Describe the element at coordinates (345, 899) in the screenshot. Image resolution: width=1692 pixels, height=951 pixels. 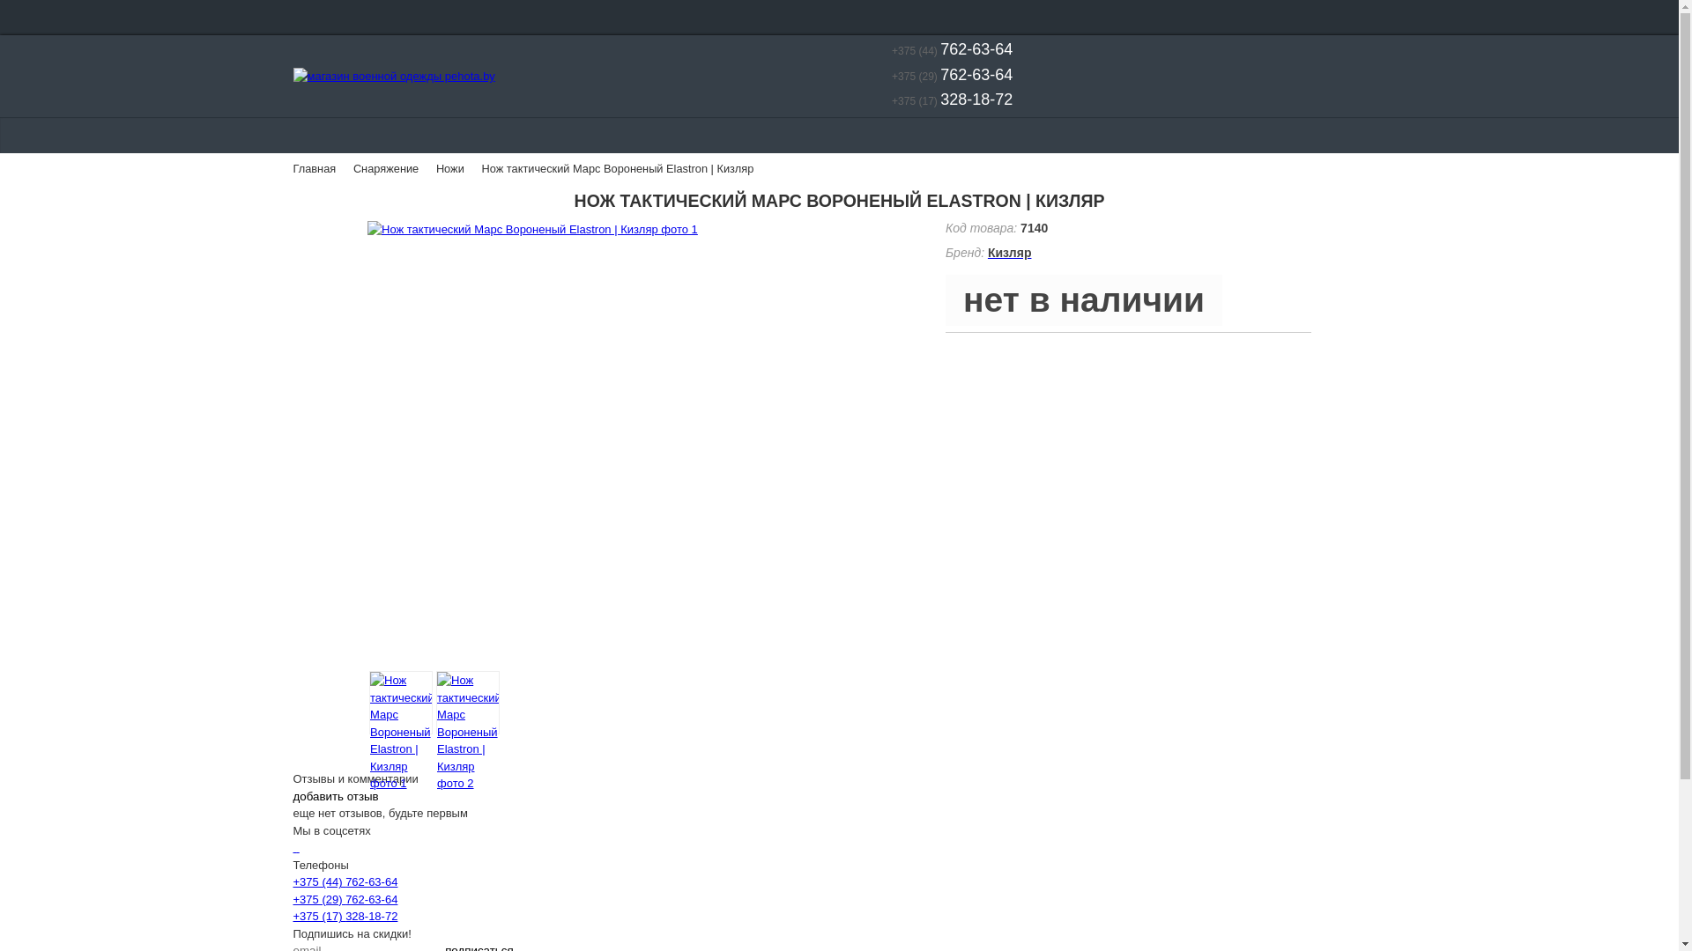
I see `'+375 (29) 762-63-64'` at that location.